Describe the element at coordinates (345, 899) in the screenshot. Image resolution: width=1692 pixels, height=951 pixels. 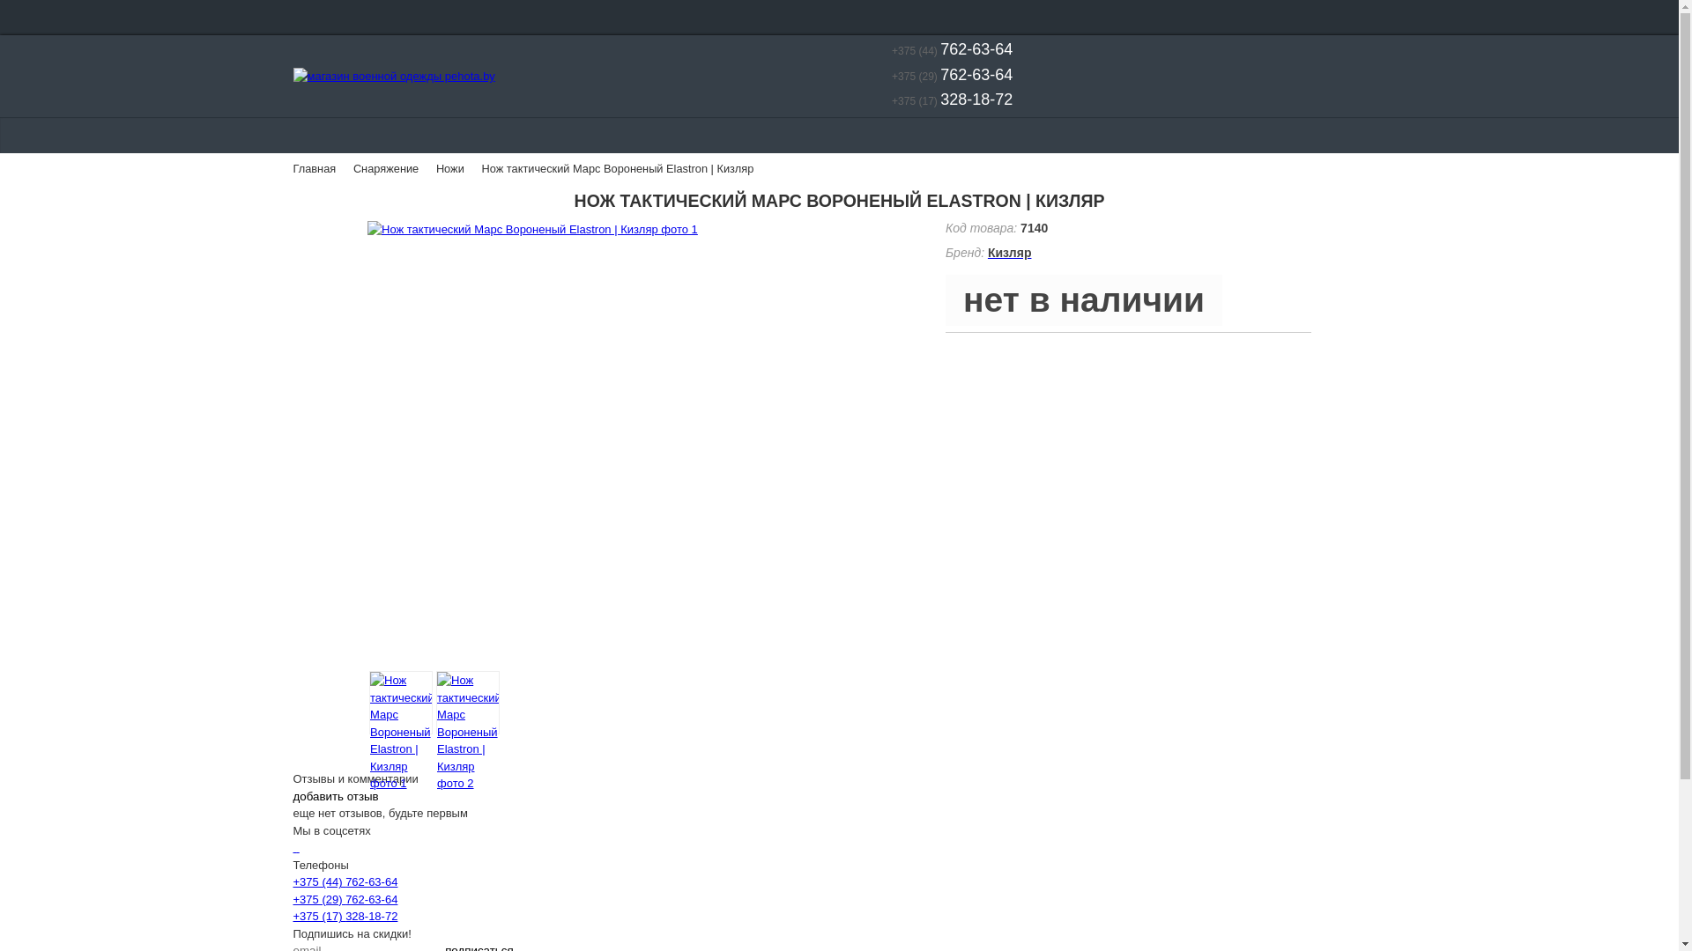
I see `'+375 (29) 762-63-64'` at that location.